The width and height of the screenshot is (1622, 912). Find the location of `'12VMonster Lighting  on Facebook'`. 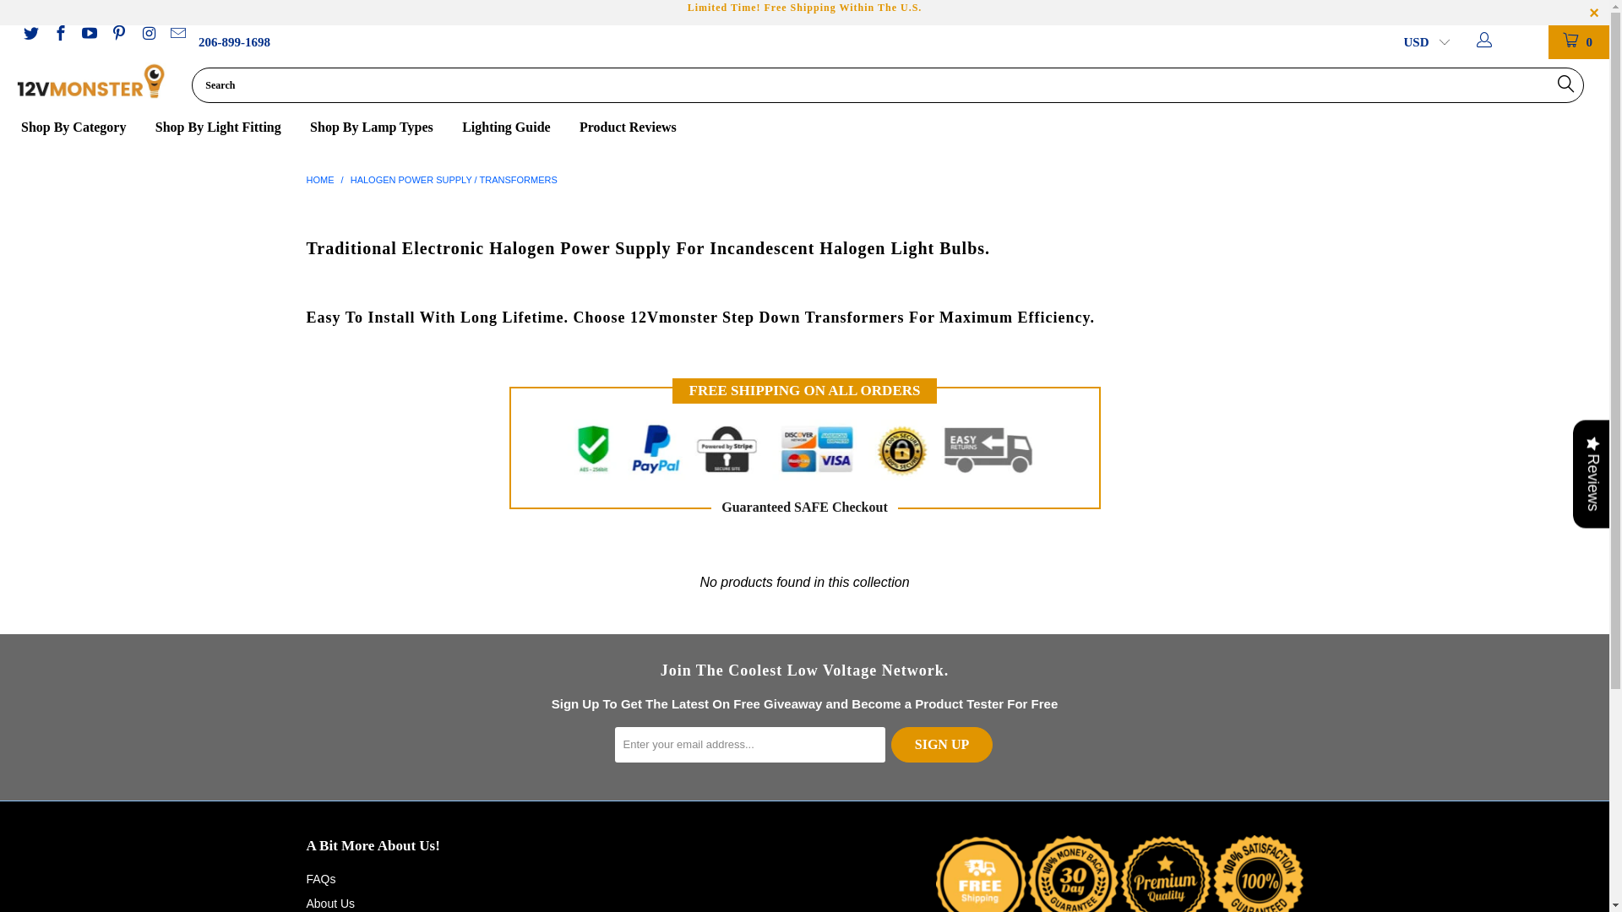

'12VMonster Lighting  on Facebook' is located at coordinates (59, 35).